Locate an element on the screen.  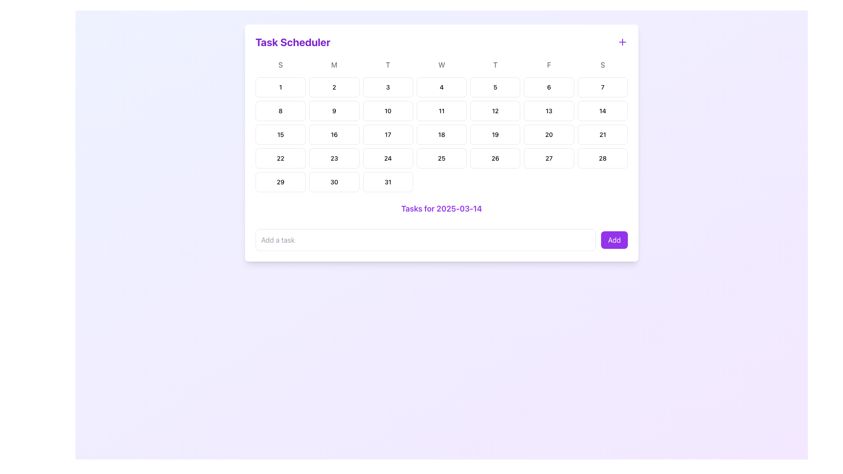
the button representing the fifth day of the month in the calendar is located at coordinates (495, 87).